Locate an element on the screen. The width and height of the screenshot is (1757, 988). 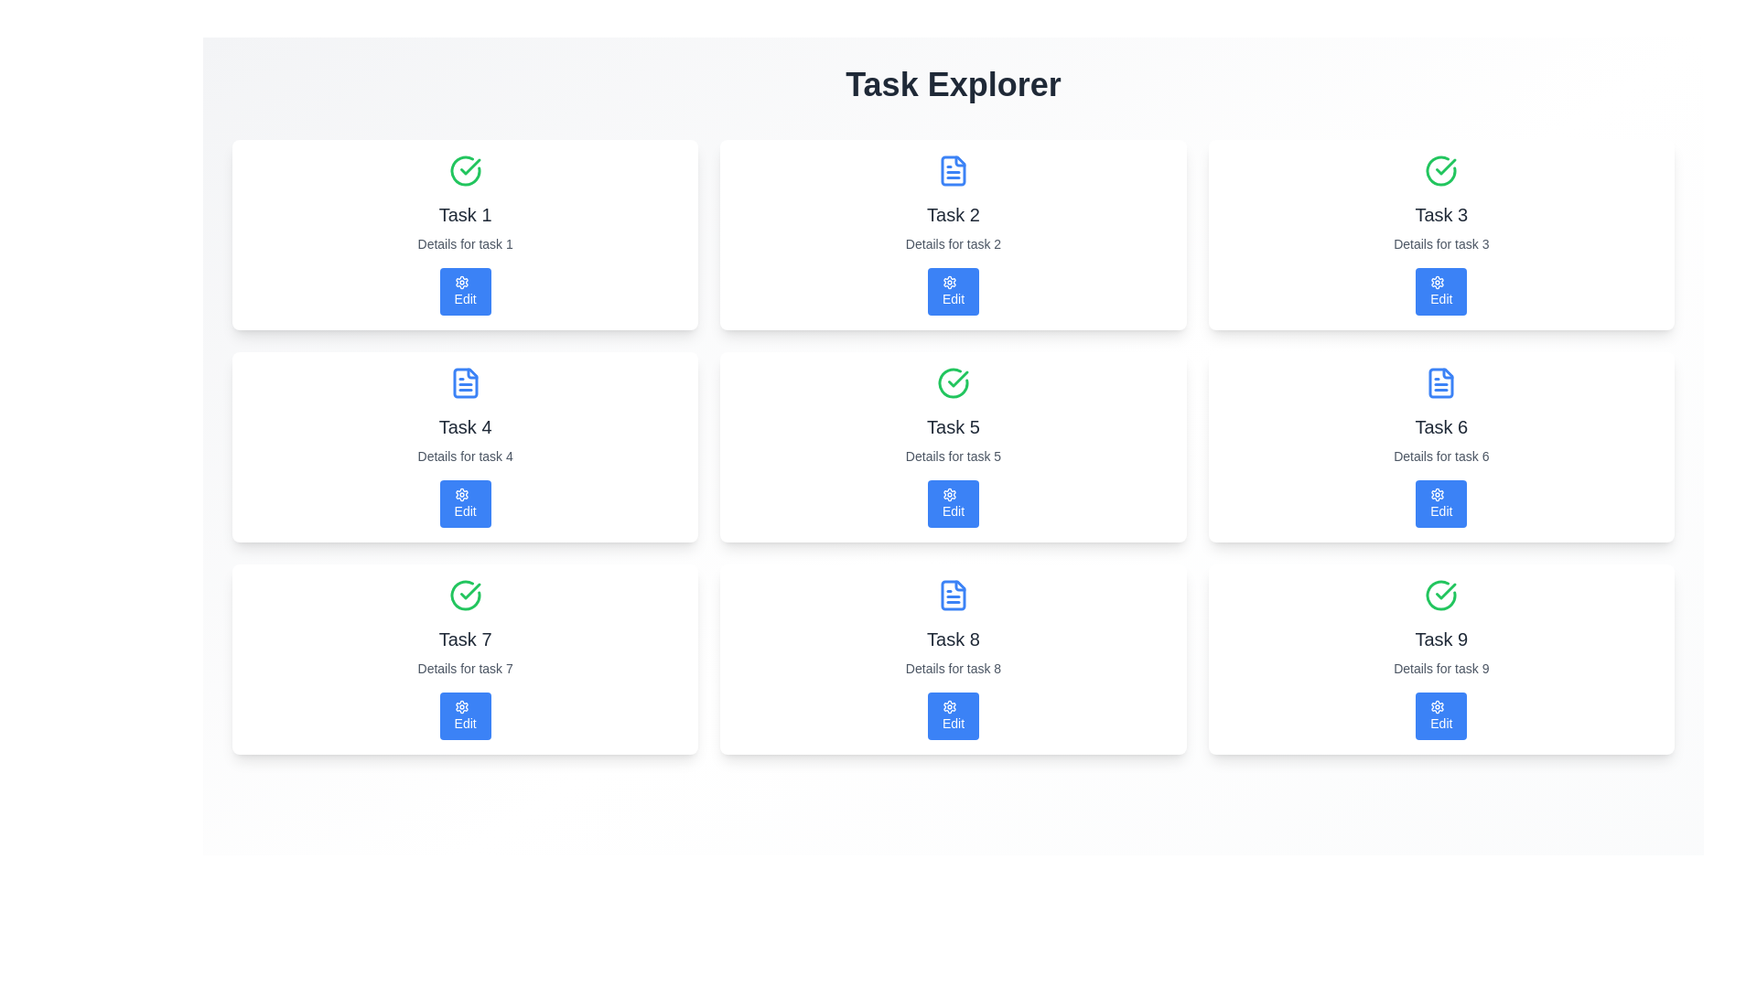
the text label providing additional information for 'Task 7', located within the seventh card of a 3x3 grid layout, positioned below the 'Task 7' heading and above the 'Edit' button is located at coordinates (465, 669).